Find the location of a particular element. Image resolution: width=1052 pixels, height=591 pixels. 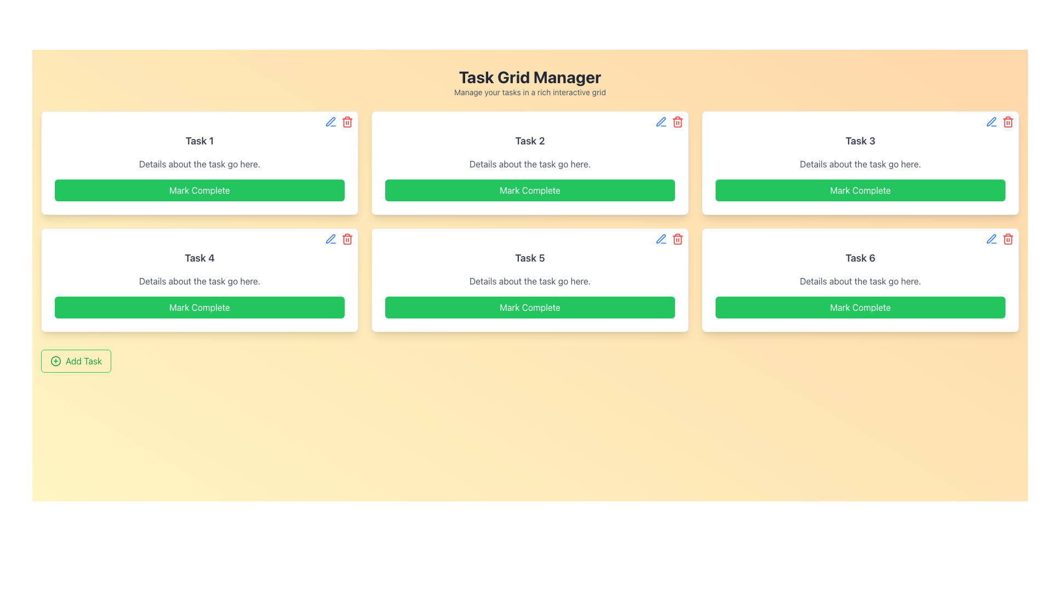

the button located at the bottom of the third card in the task grid to mark 'Task 3' as complete is located at coordinates (860, 189).